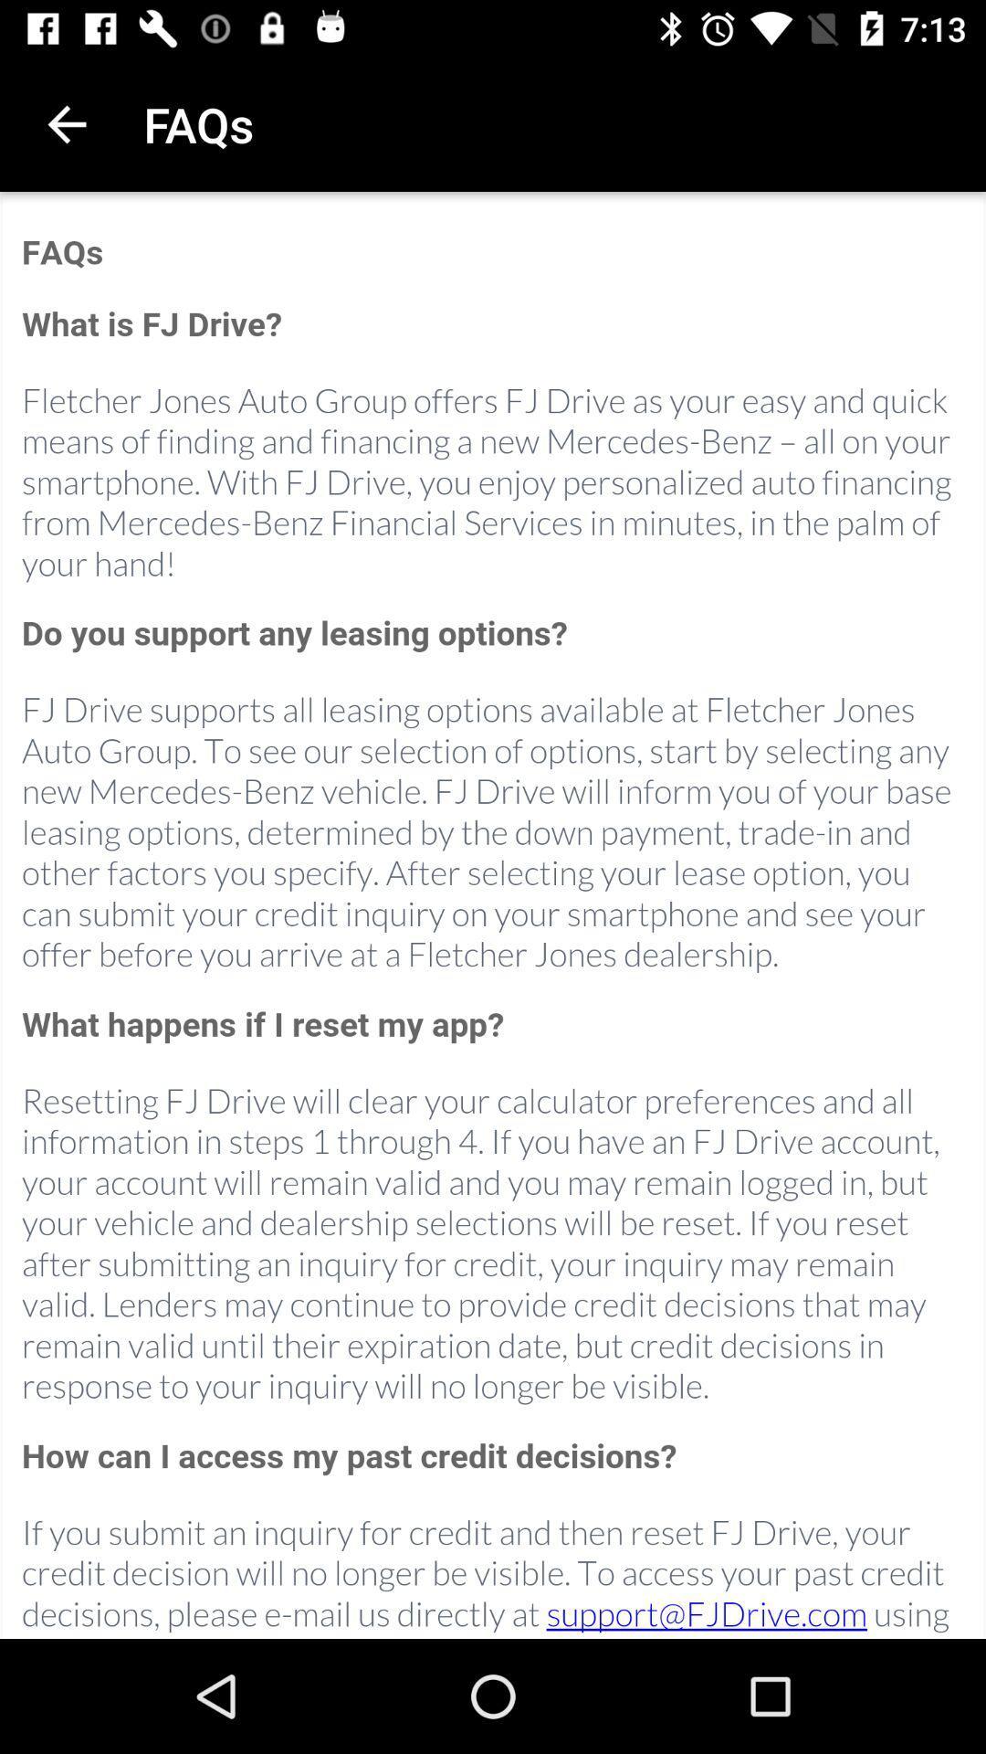 The image size is (986, 1754). Describe the element at coordinates (493, 916) in the screenshot. I see `main page` at that location.